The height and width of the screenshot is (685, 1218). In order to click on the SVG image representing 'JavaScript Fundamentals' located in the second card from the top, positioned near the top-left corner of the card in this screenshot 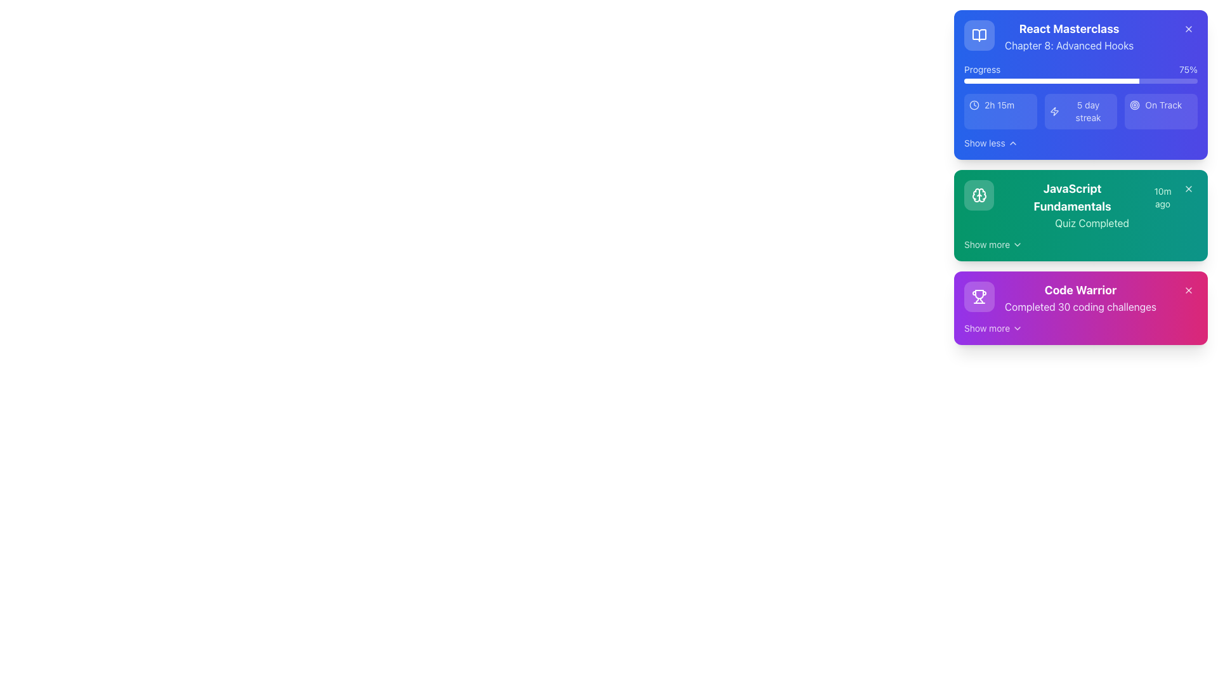, I will do `click(978, 195)`.